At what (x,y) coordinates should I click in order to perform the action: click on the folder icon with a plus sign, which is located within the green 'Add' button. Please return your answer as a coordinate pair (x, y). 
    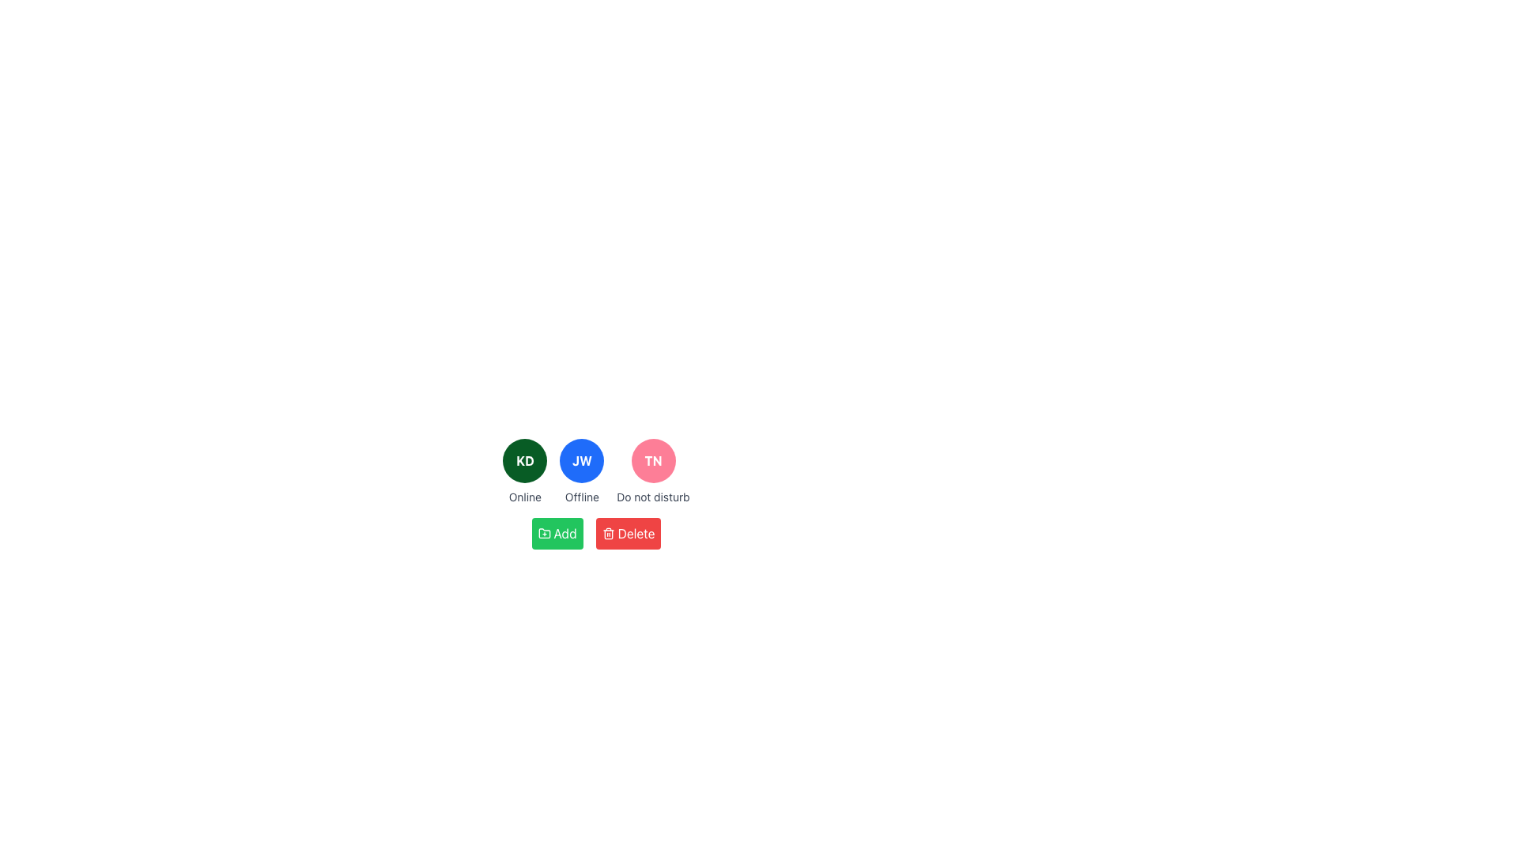
    Looking at the image, I should click on (544, 534).